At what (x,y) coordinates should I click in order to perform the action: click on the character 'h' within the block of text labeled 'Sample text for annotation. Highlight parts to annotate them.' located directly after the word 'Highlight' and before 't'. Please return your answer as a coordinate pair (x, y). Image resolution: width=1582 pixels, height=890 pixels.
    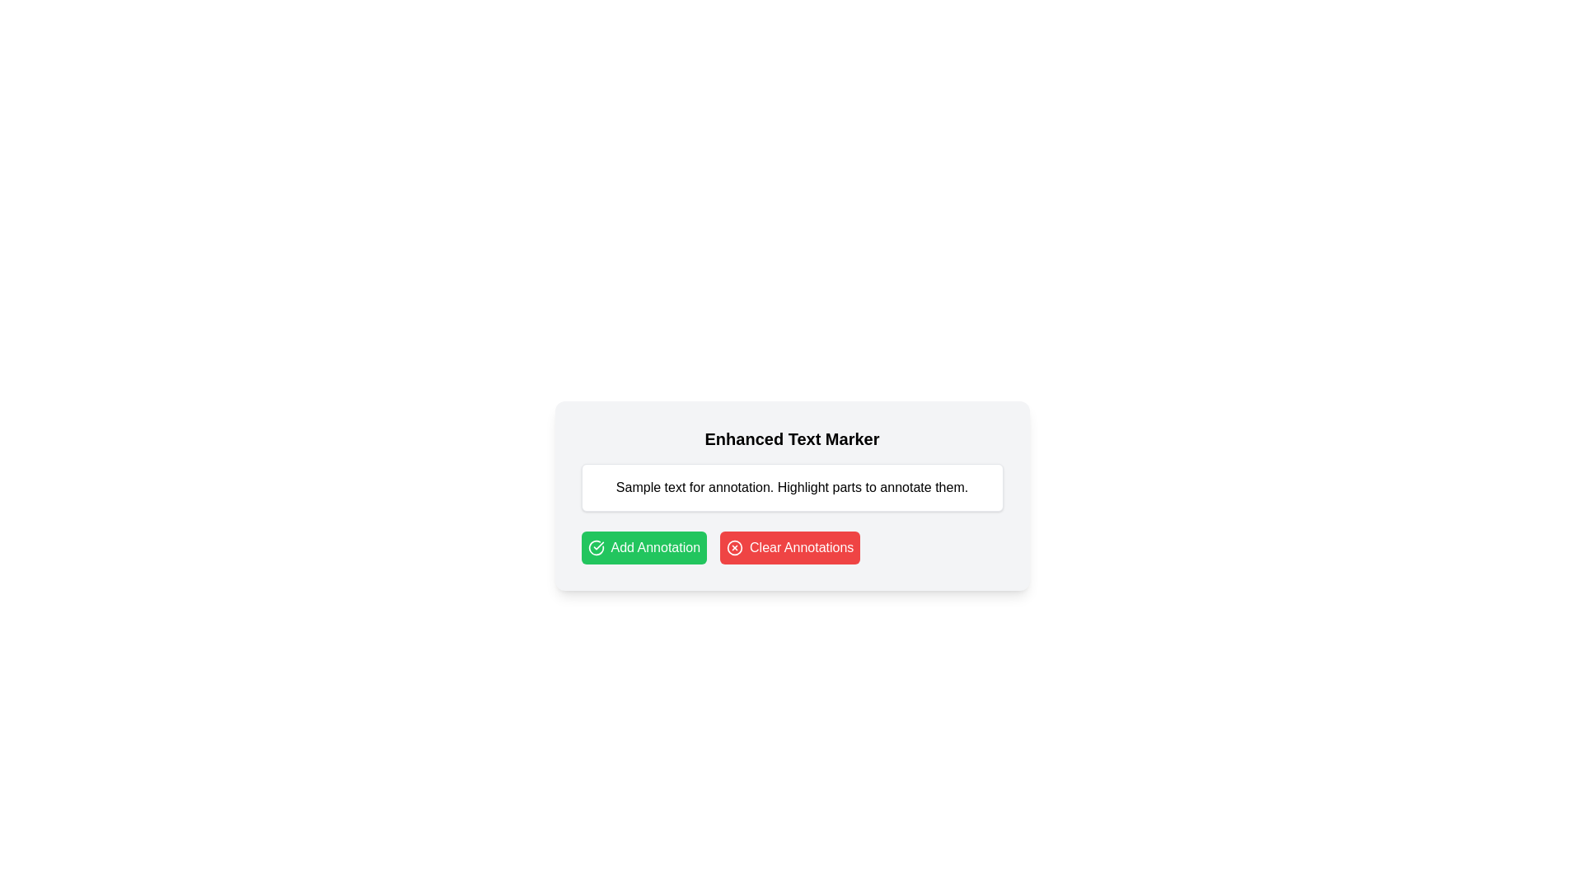
    Looking at the image, I should click on (821, 486).